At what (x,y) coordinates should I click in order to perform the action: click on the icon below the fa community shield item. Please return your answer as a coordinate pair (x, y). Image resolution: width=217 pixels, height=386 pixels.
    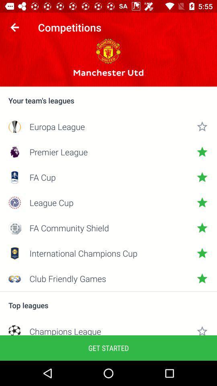
    Looking at the image, I should click on (108, 253).